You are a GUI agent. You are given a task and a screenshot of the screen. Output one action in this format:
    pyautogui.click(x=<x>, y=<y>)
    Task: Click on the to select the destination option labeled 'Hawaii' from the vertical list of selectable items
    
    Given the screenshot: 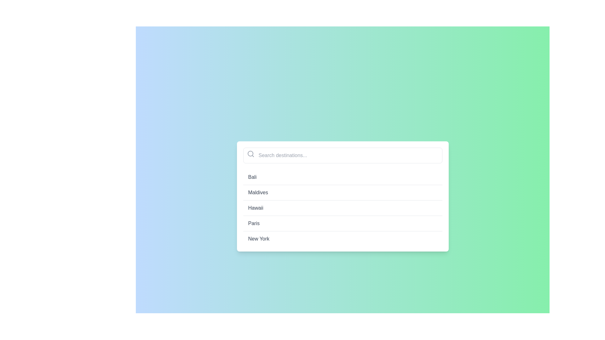 What is the action you would take?
    pyautogui.click(x=342, y=207)
    